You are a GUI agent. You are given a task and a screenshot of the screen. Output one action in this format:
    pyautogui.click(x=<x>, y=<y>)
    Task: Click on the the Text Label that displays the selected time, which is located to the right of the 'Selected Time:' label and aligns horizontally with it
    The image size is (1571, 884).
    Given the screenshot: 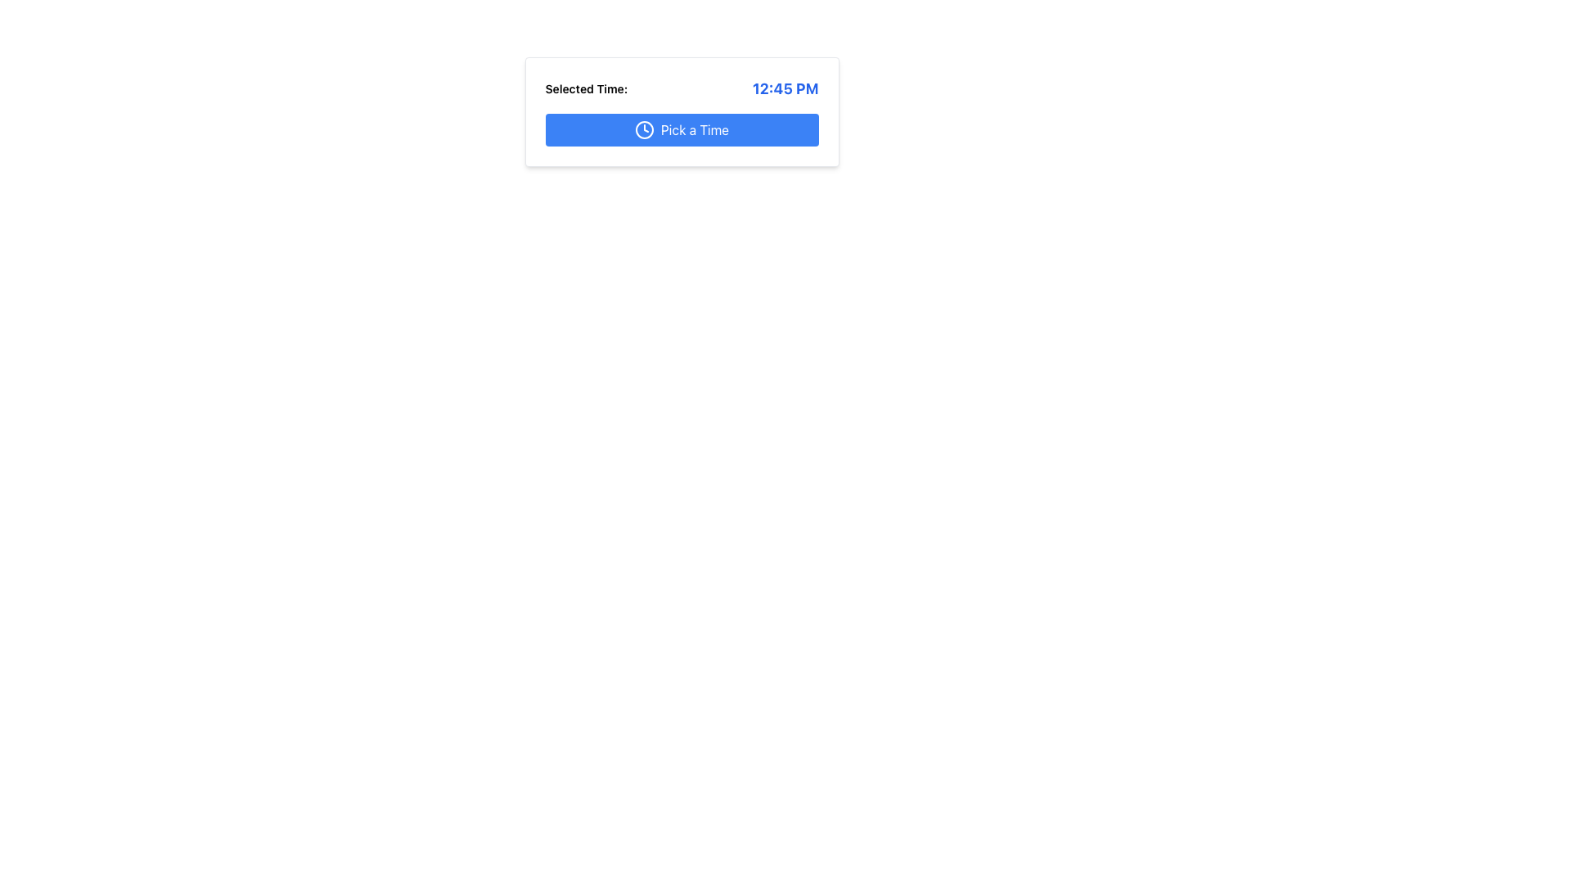 What is the action you would take?
    pyautogui.click(x=785, y=88)
    